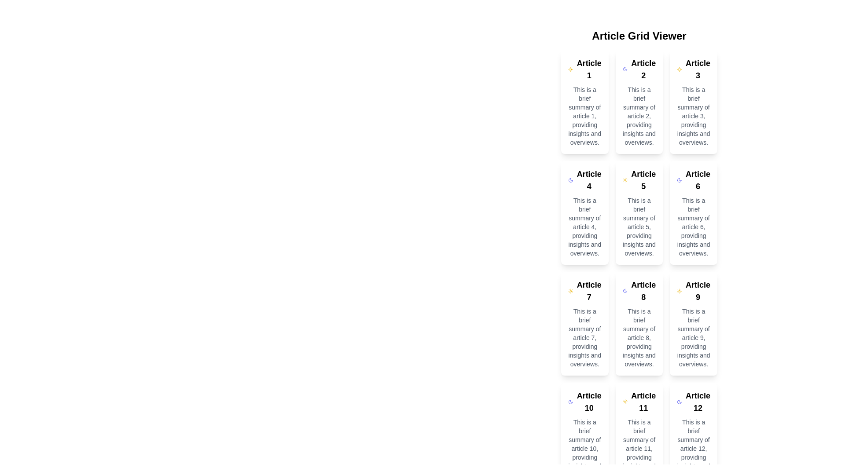 The width and height of the screenshot is (845, 475). Describe the element at coordinates (570, 291) in the screenshot. I see `the sun-themed SVG icon located in the top-left portion of the 'Article 7' card, adjacent to the title text` at that location.